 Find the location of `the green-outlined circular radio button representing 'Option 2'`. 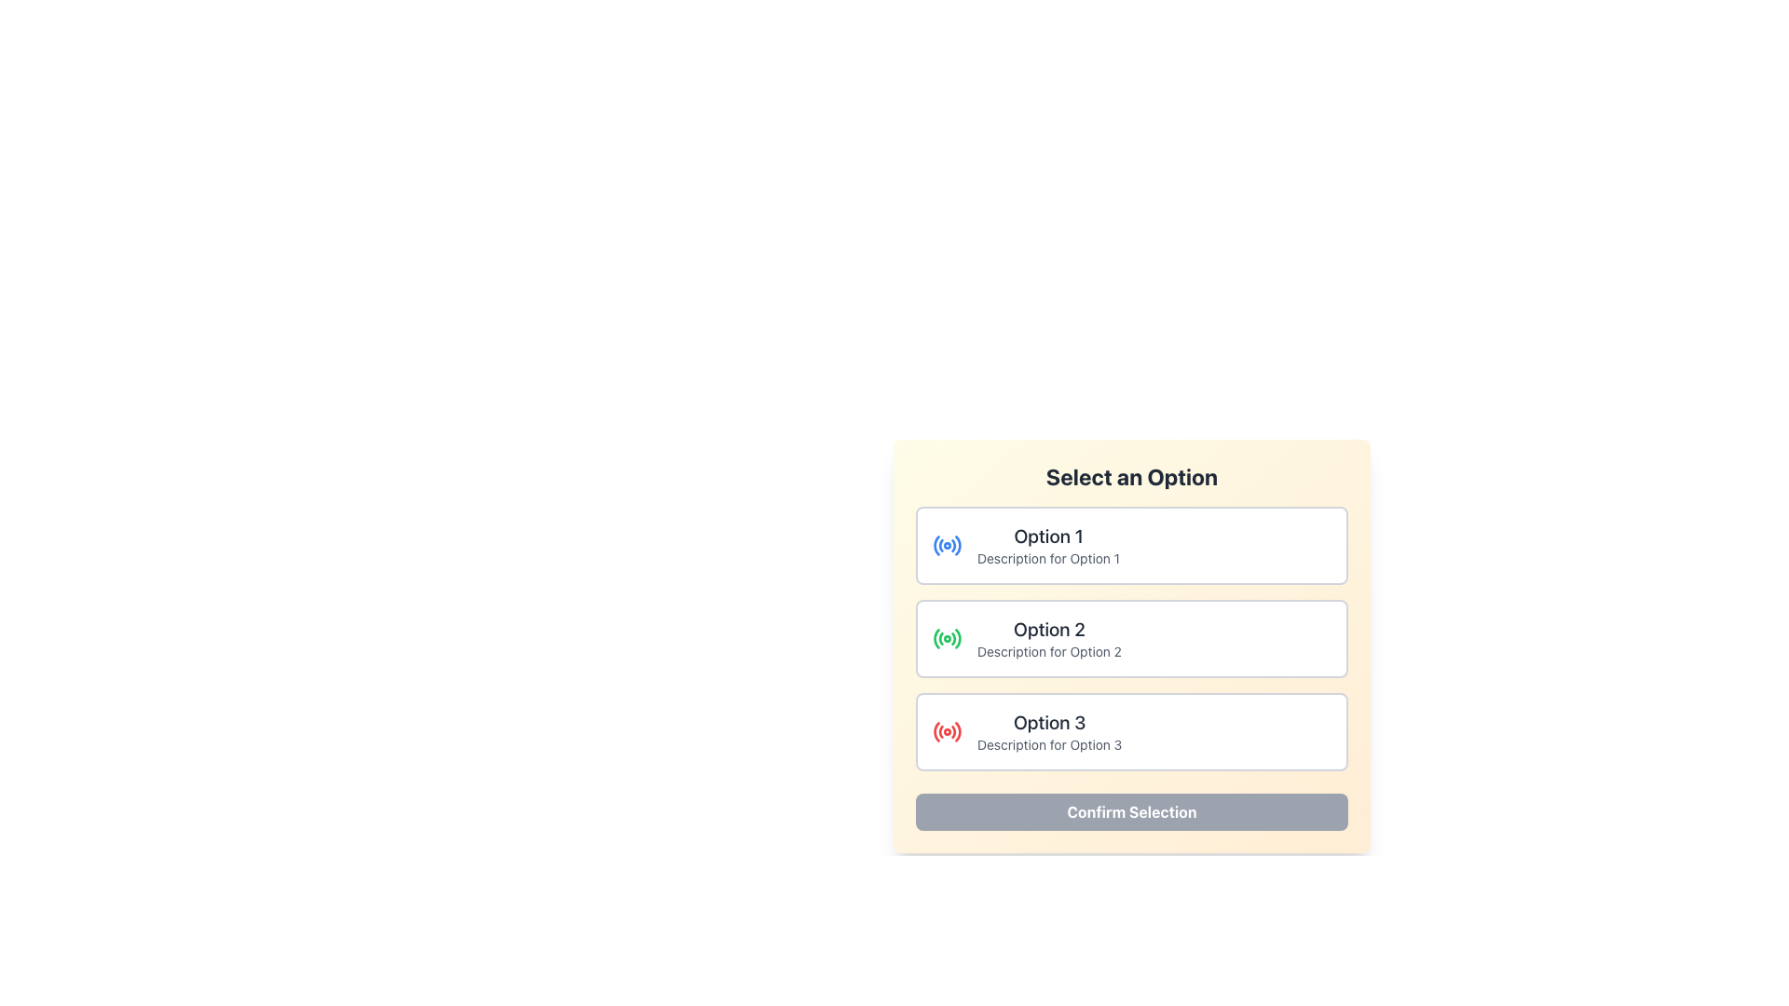

the green-outlined circular radio button representing 'Option 2' is located at coordinates (948, 638).